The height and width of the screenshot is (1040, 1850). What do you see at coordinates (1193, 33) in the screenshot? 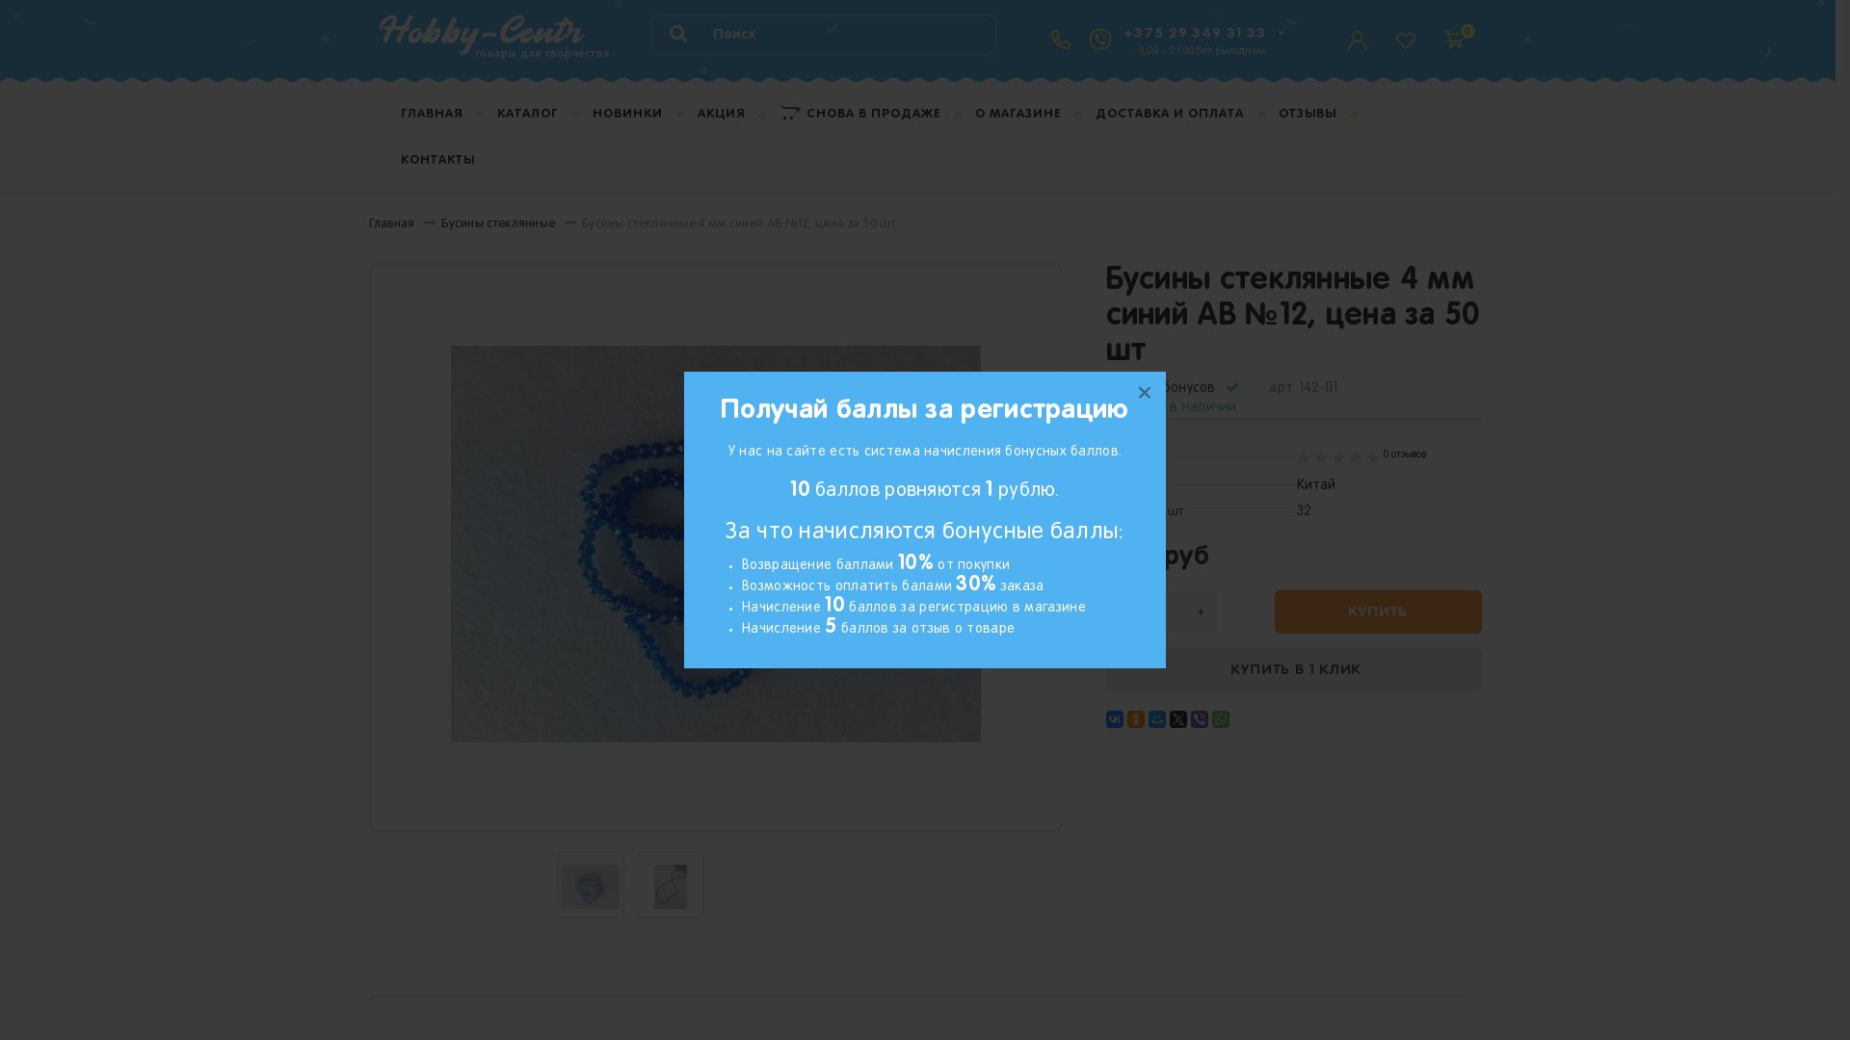
I see `'+375 29 349 31 33'` at bounding box center [1193, 33].